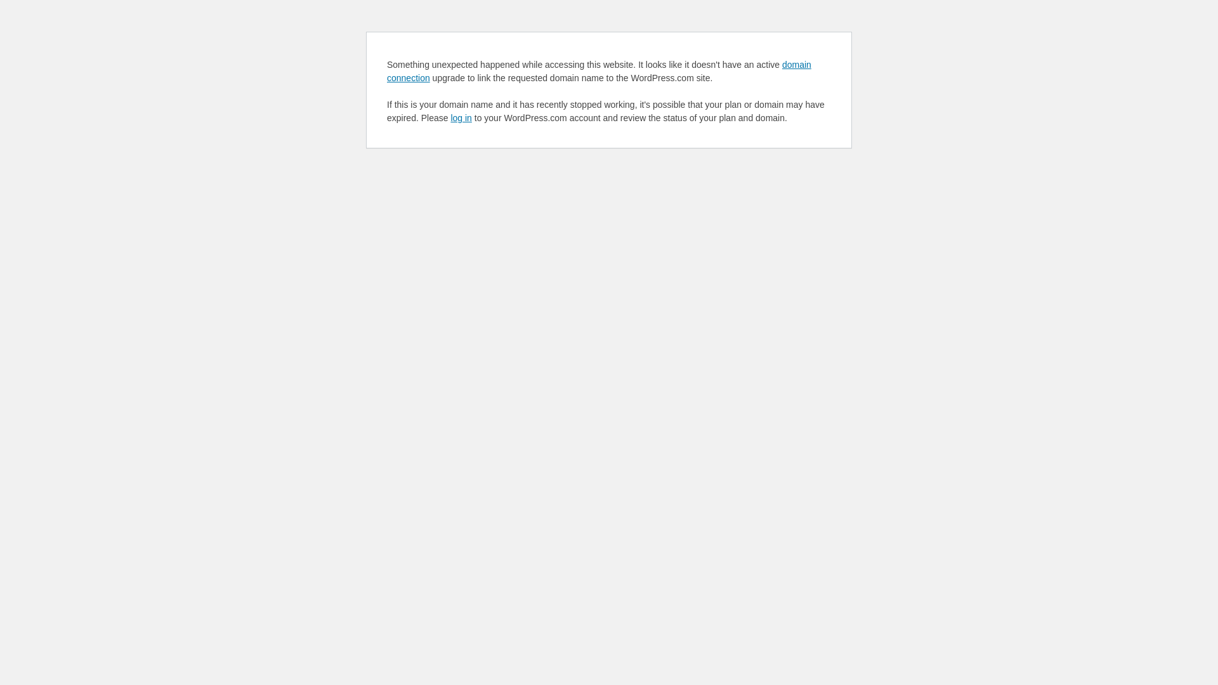 The image size is (1218, 685). I want to click on 'log in', so click(460, 117).